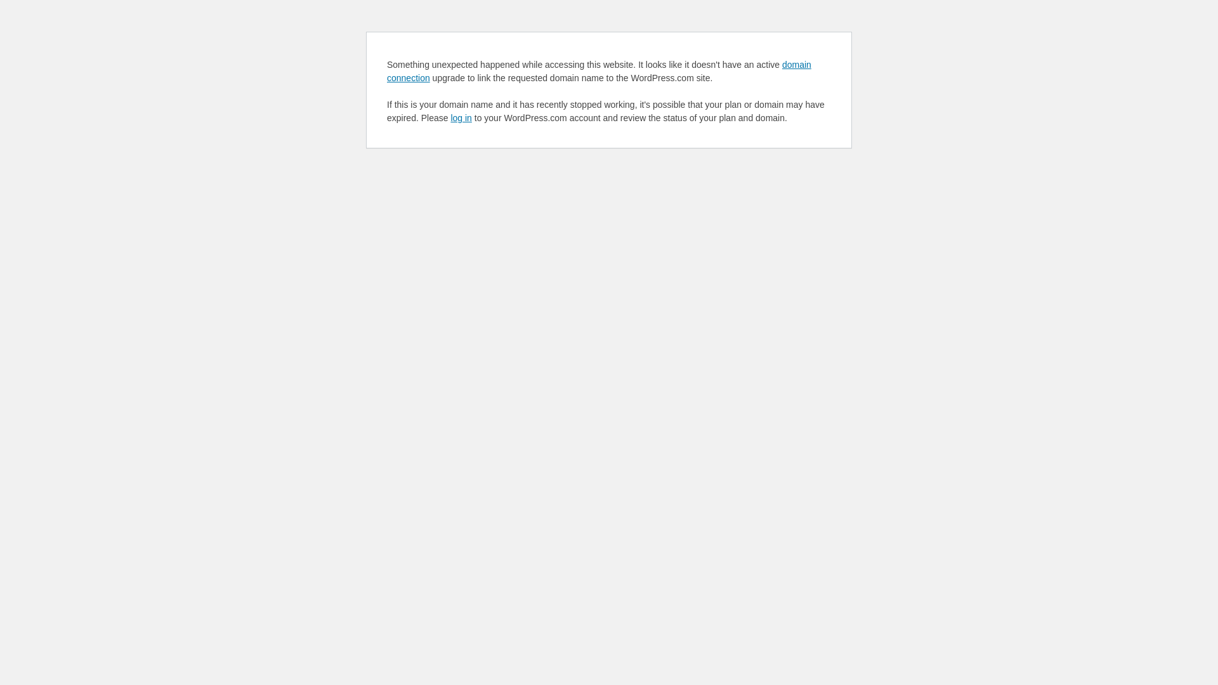 The image size is (1218, 685). I want to click on 'log in', so click(460, 117).